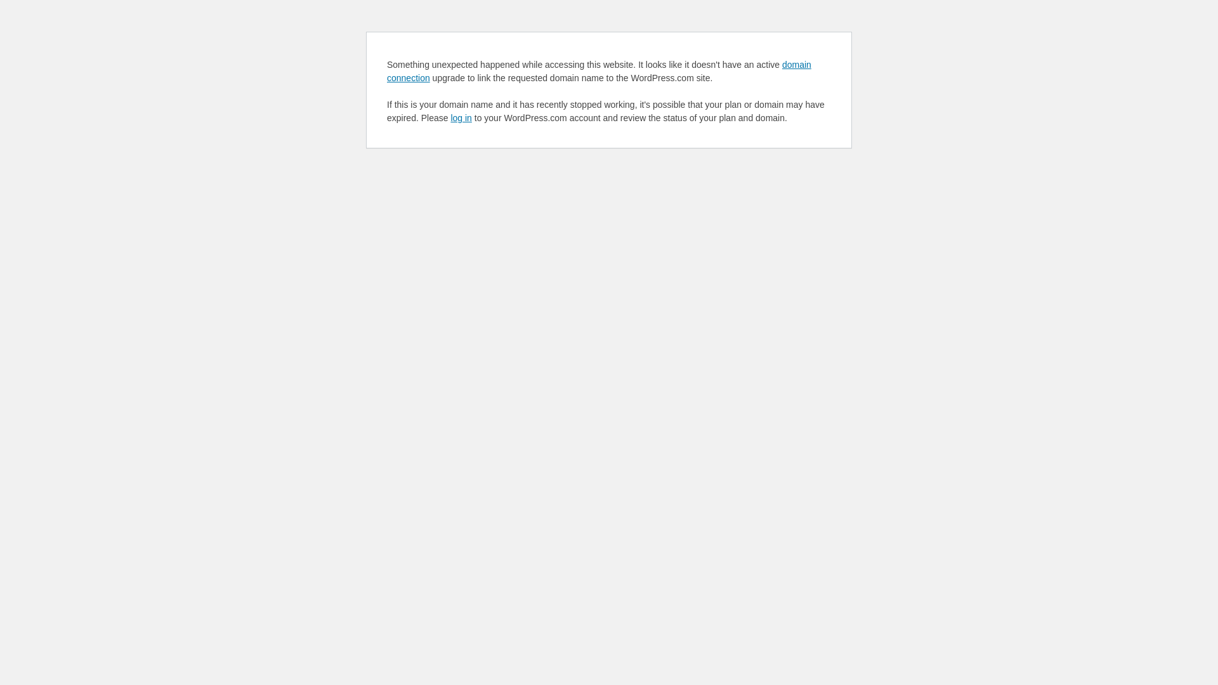 The image size is (1218, 685). I want to click on 'log in', so click(460, 117).